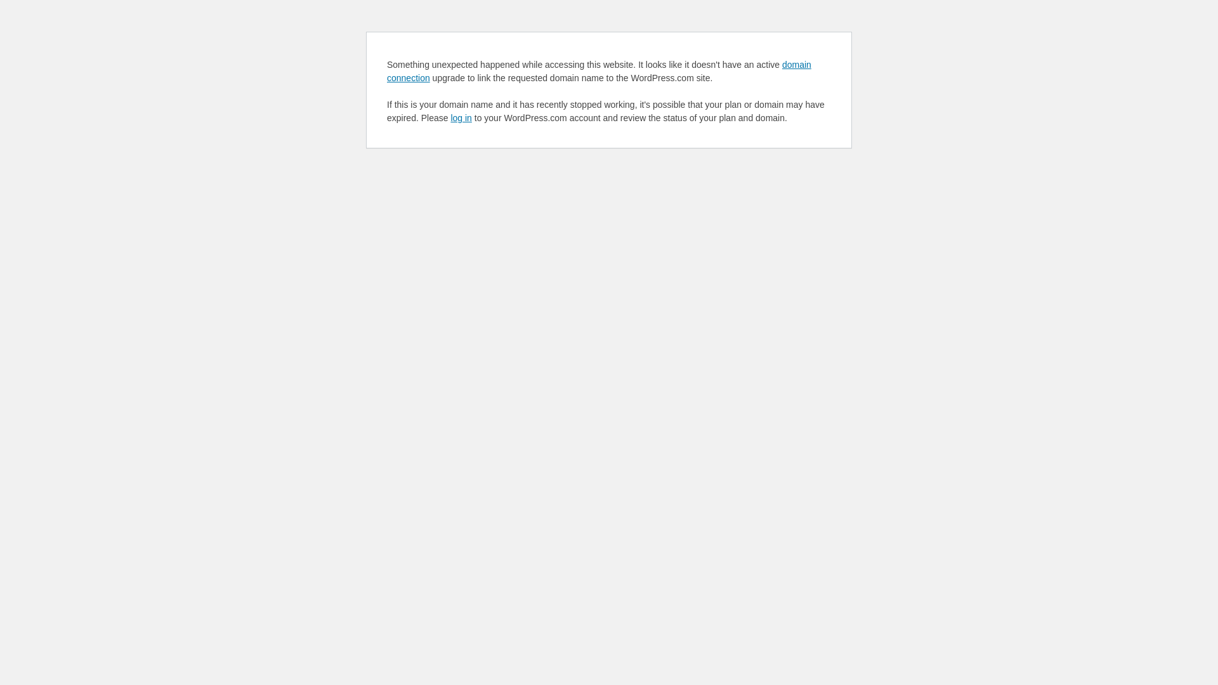 The image size is (1218, 685). I want to click on 'log in', so click(460, 117).